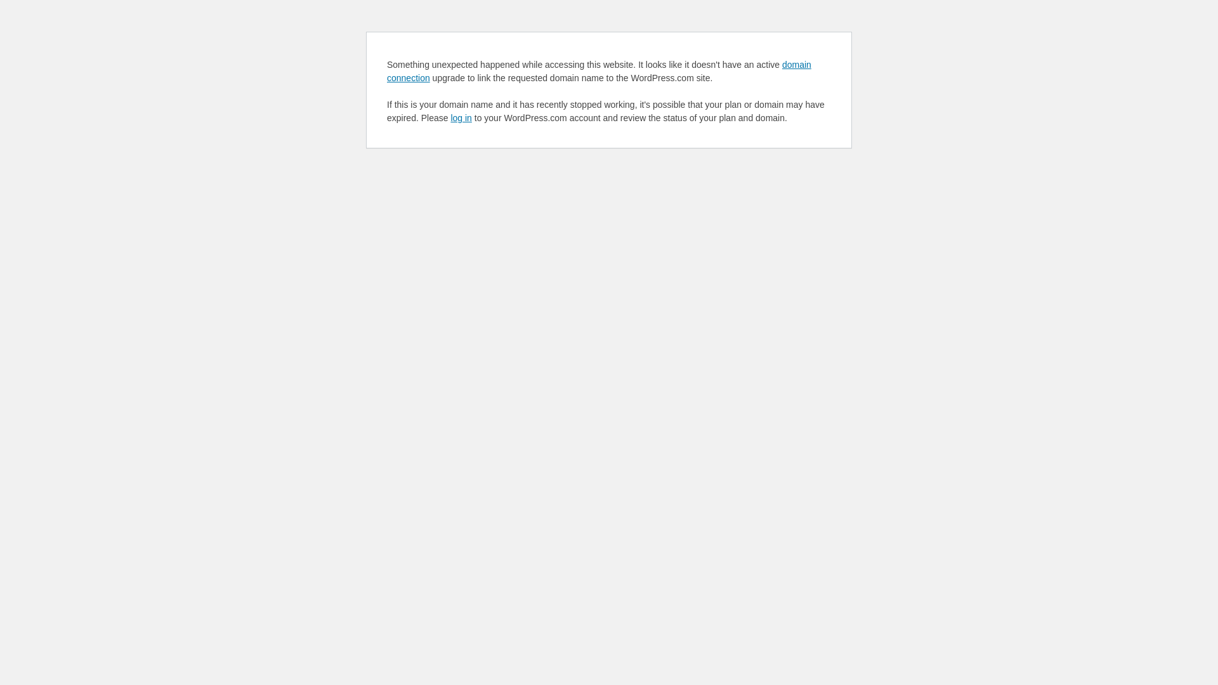 The image size is (1218, 685). I want to click on 'log in', so click(460, 117).